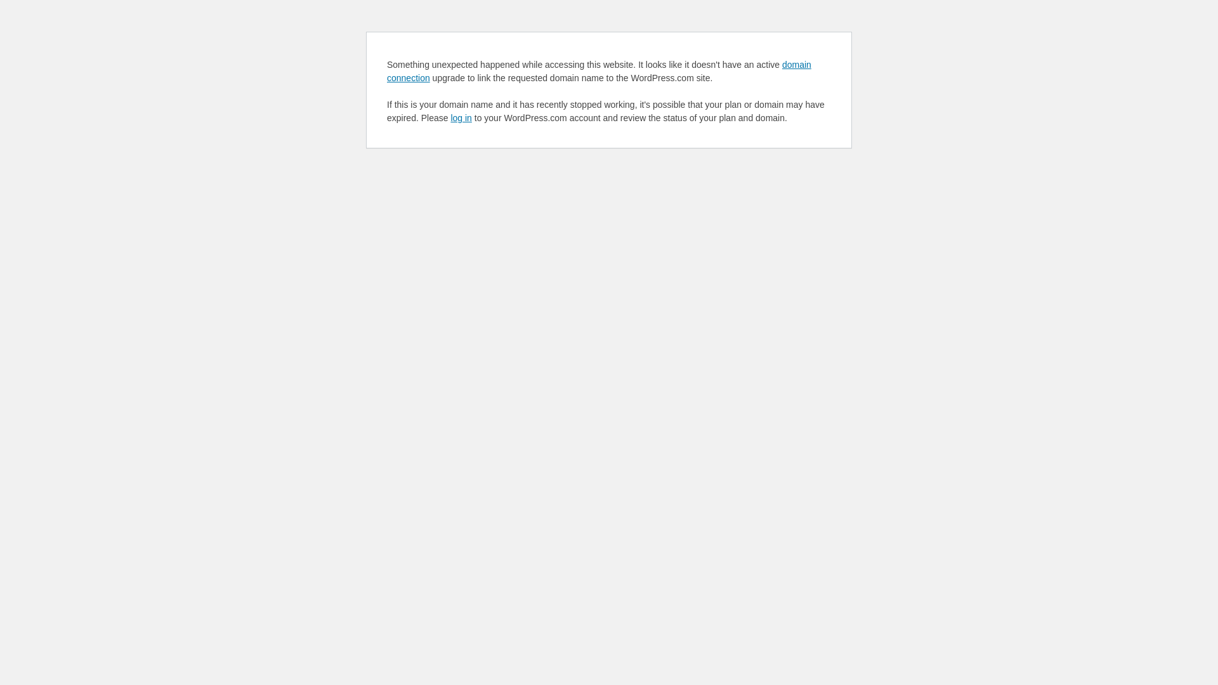 The image size is (1218, 685). I want to click on 'log in', so click(460, 117).